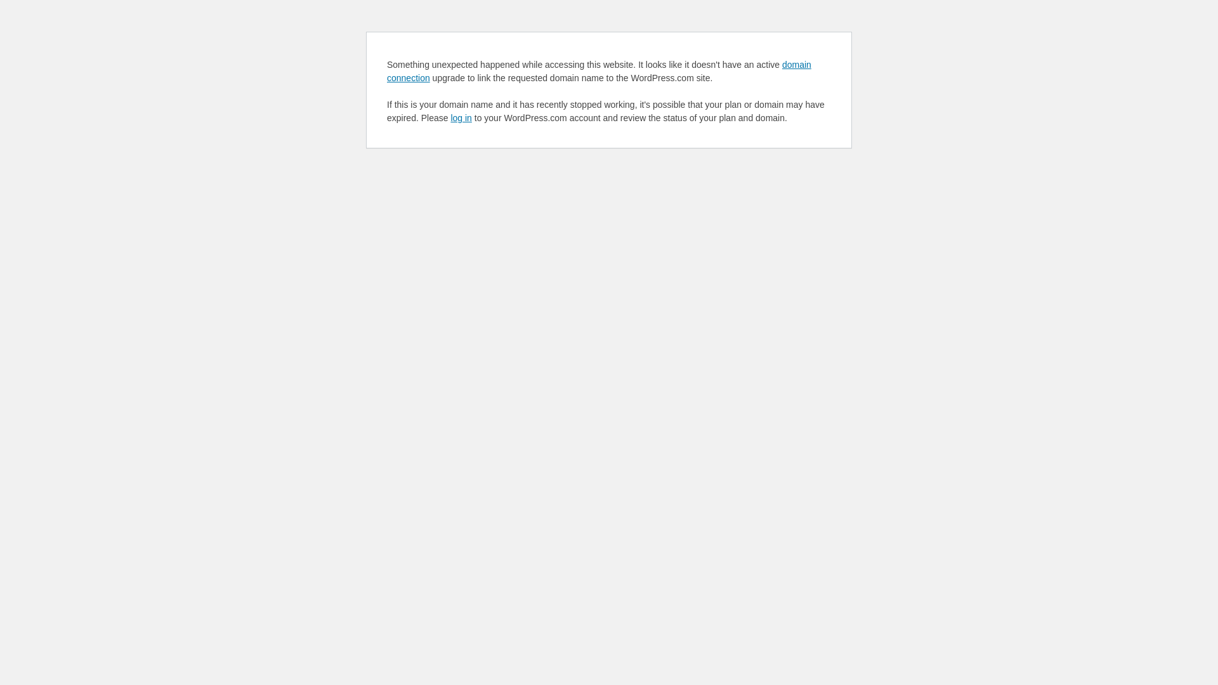 The image size is (1218, 685). I want to click on 'log in', so click(460, 117).